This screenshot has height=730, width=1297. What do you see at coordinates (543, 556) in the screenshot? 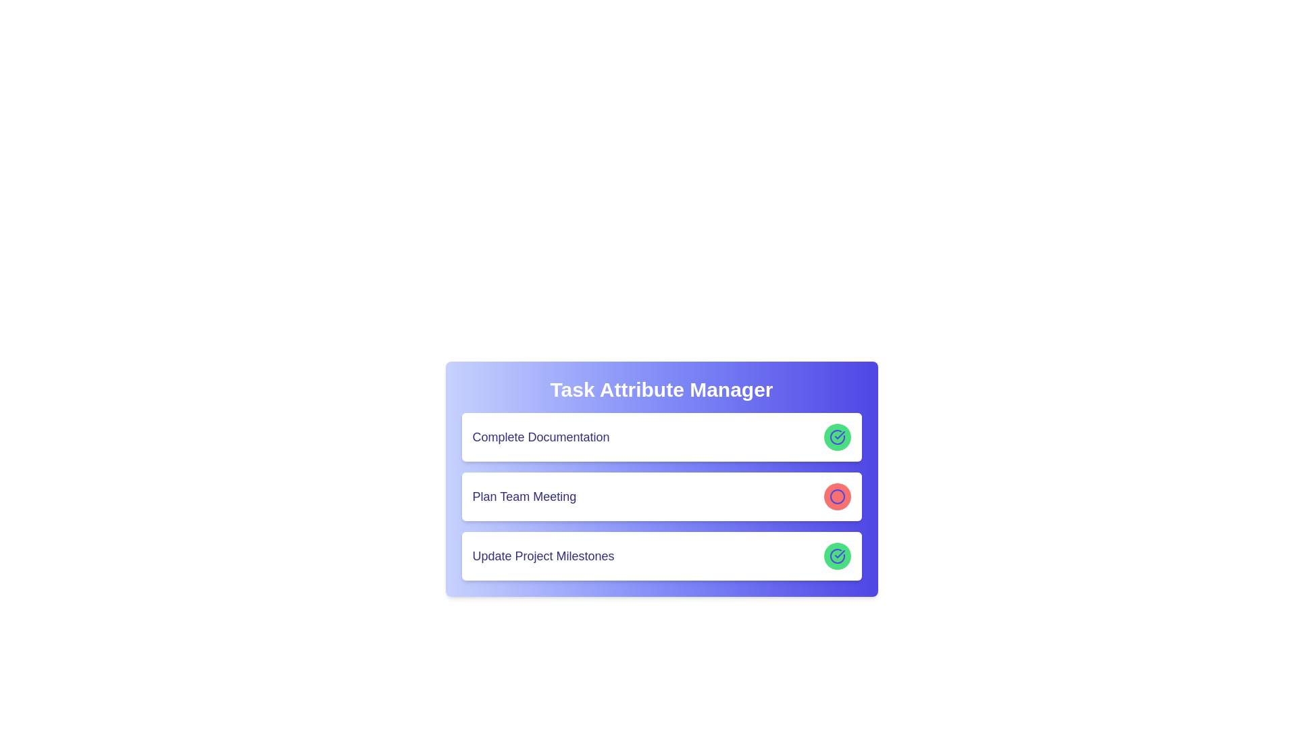
I see `the text label that identifies the task 'Update Project Milestones', which is centrally located within the last card in a vertically stacked list of tasks` at bounding box center [543, 556].